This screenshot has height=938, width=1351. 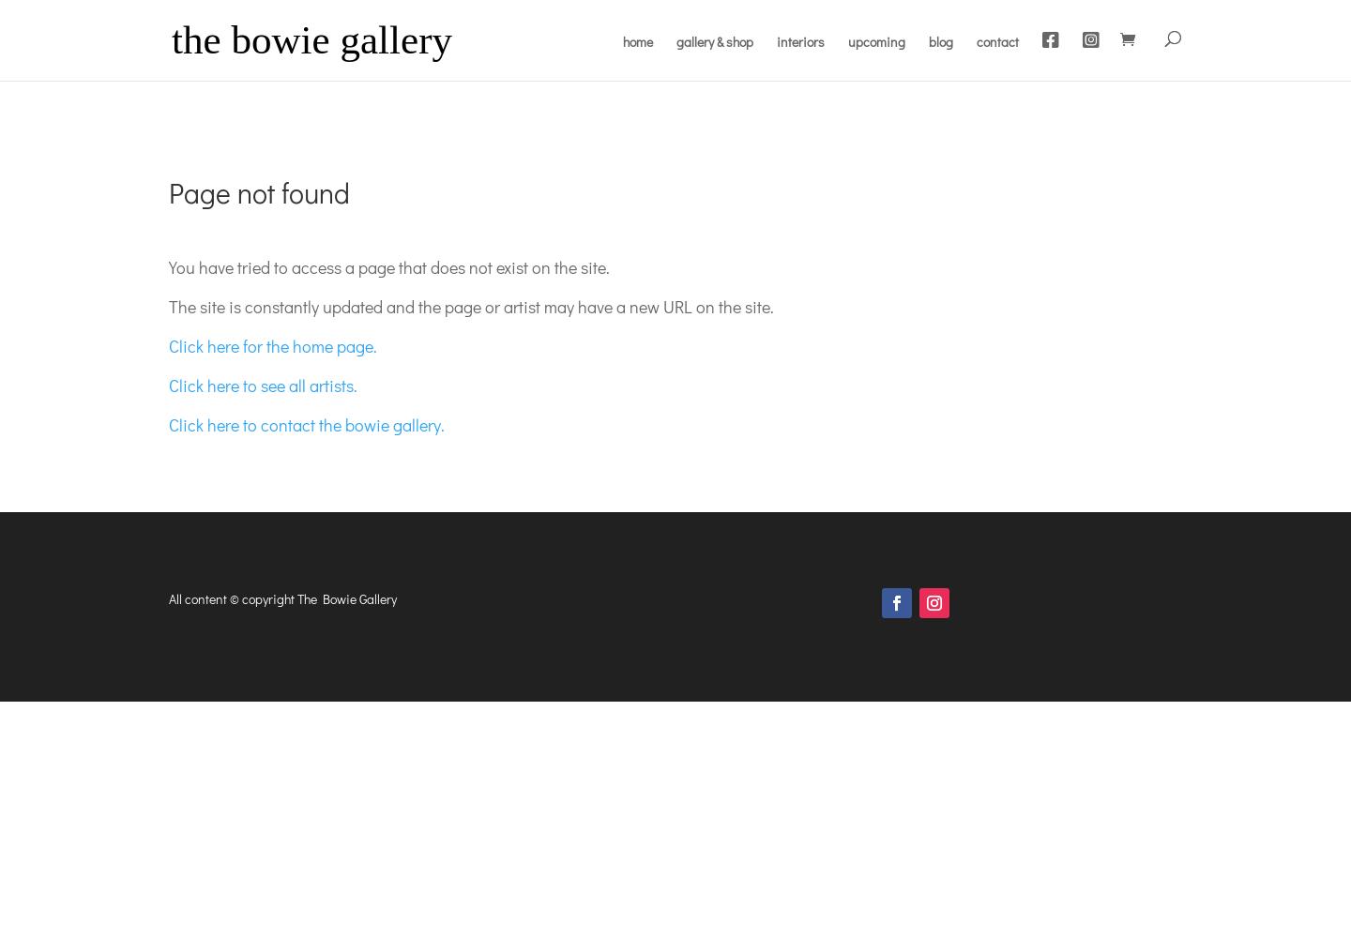 I want to click on 'Click here to contact the bowie gallery.', so click(x=168, y=423).